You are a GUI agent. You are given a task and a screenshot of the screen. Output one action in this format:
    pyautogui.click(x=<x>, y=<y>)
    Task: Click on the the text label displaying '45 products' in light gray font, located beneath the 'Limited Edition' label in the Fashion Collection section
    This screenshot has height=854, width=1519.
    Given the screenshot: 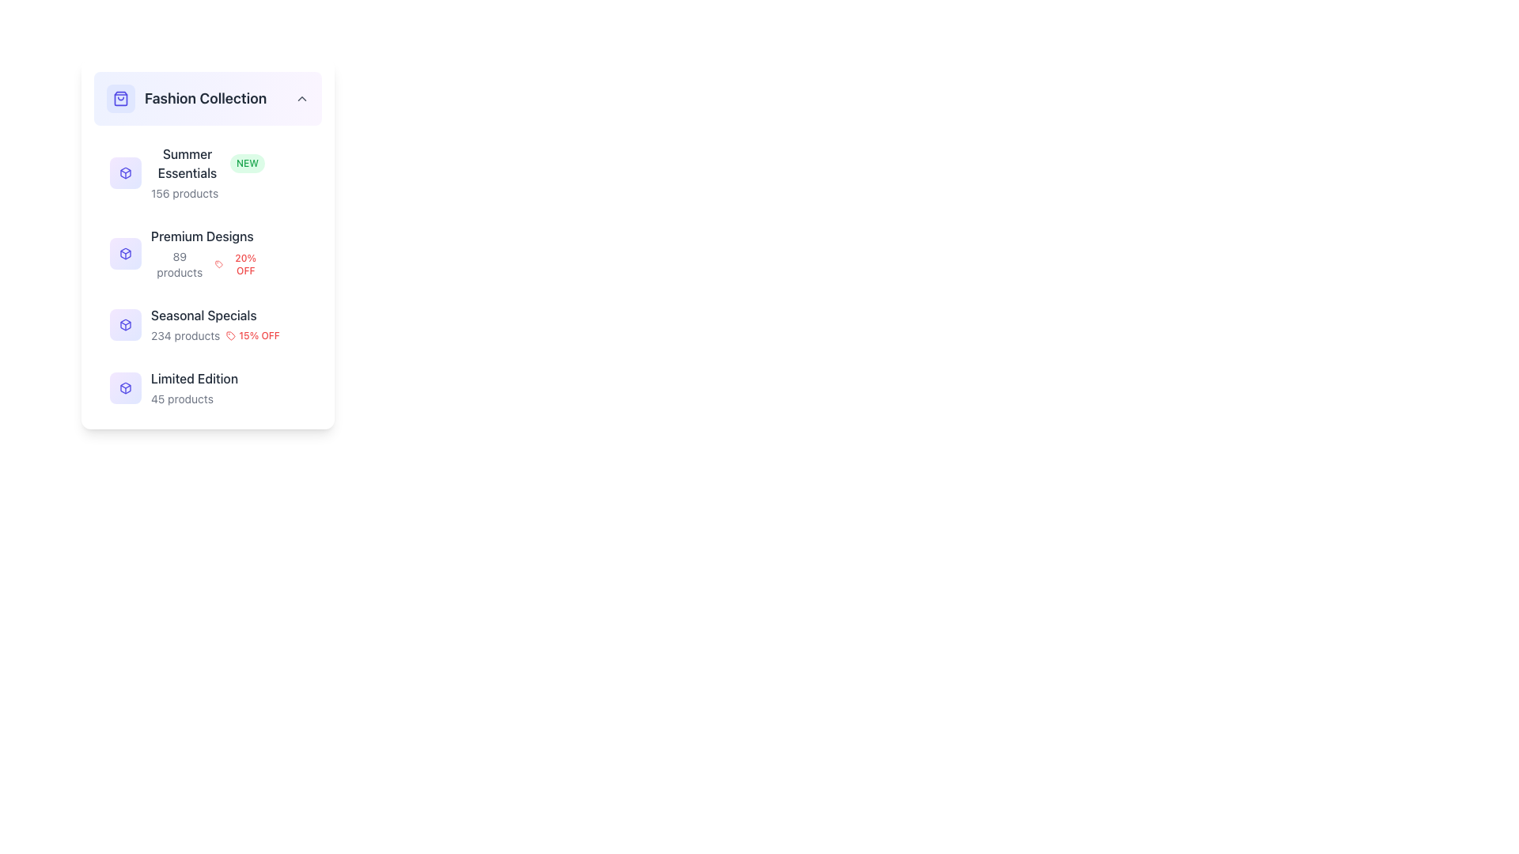 What is the action you would take?
    pyautogui.click(x=207, y=399)
    